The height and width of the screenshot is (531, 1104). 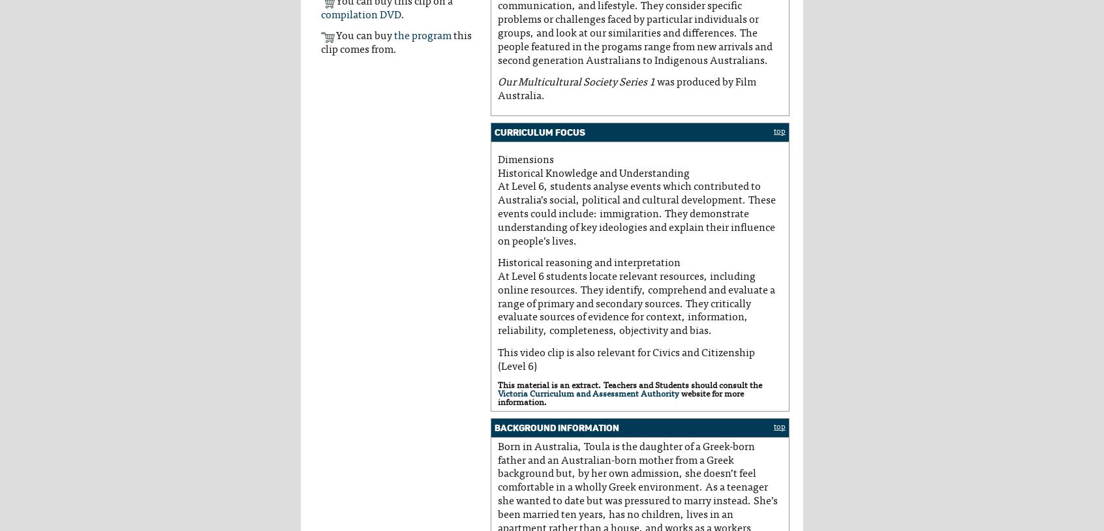 What do you see at coordinates (361, 14) in the screenshot?
I see `'compilation DVD'` at bounding box center [361, 14].